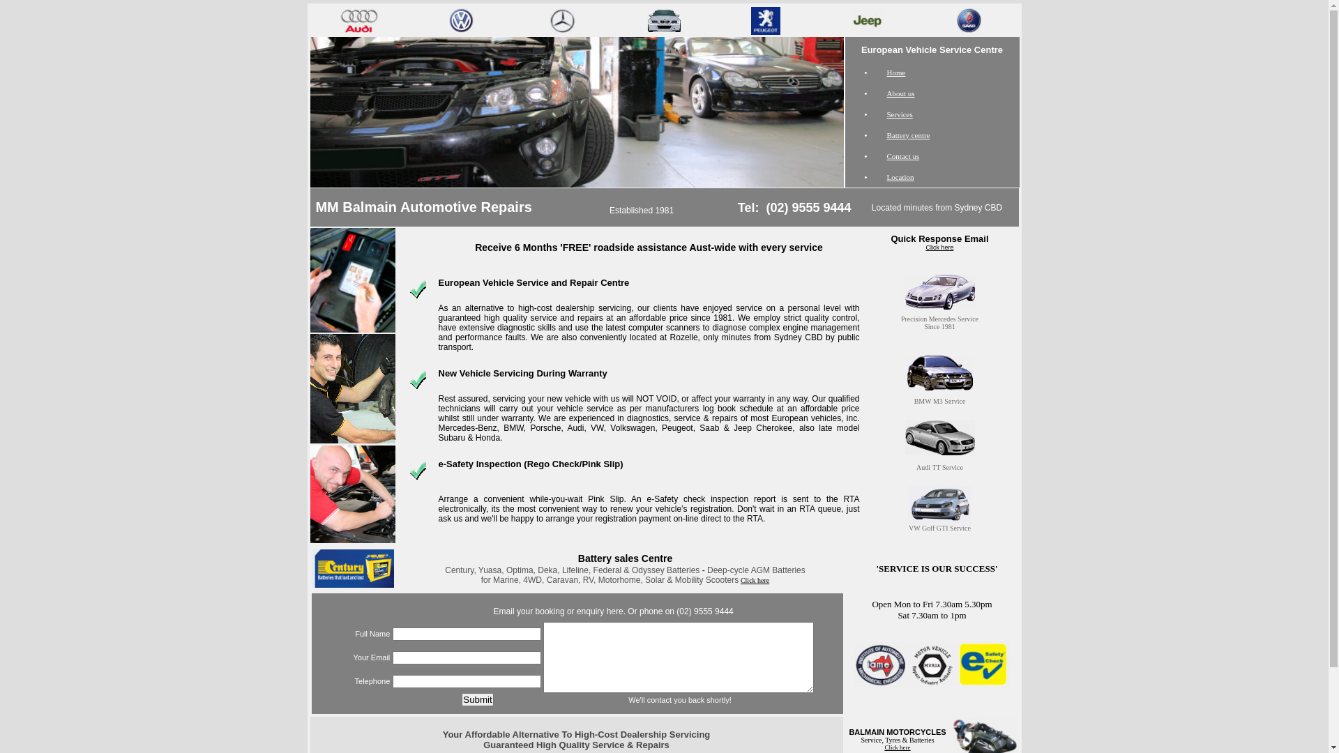 This screenshot has height=753, width=1339. What do you see at coordinates (897, 747) in the screenshot?
I see `'Click here'` at bounding box center [897, 747].